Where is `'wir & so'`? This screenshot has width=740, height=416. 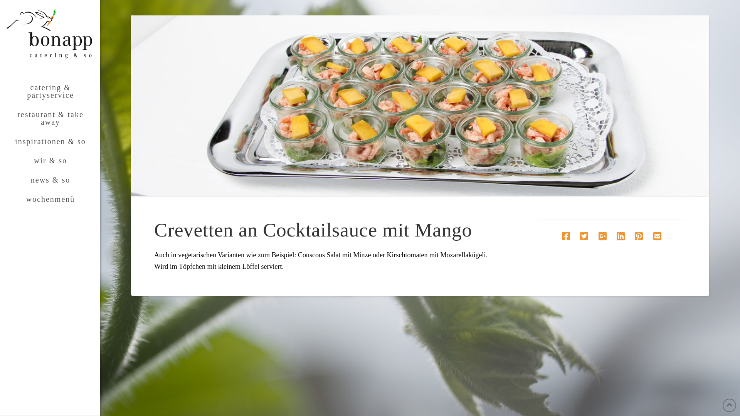
'wir & so' is located at coordinates (49, 160).